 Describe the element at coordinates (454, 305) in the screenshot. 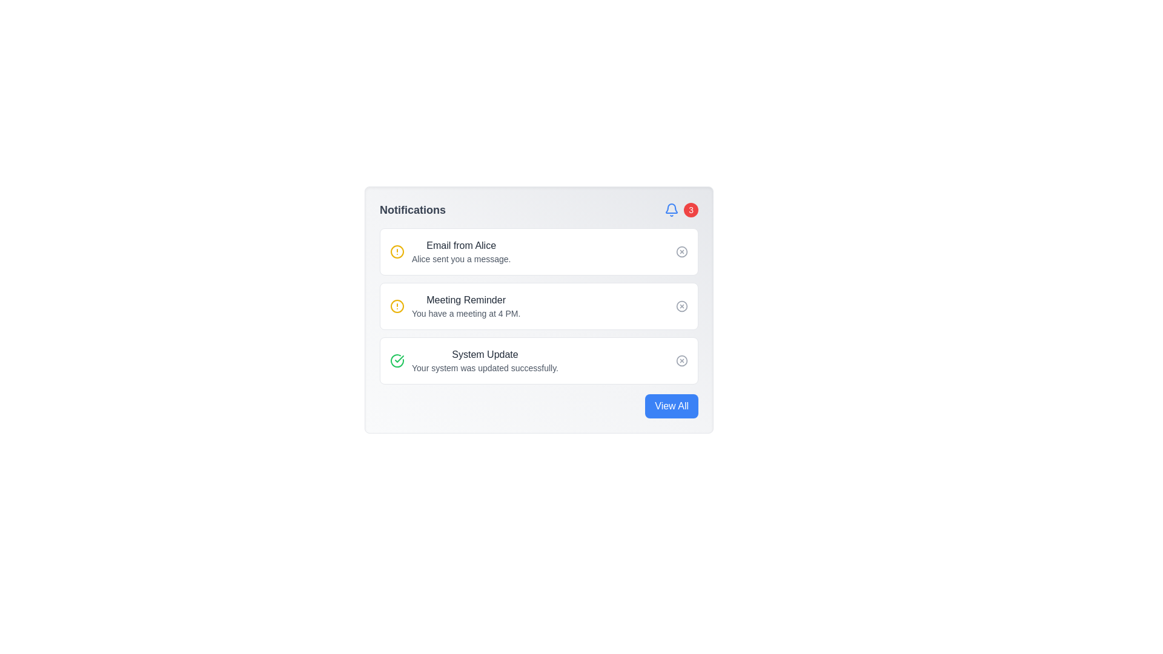

I see `the second notification titled 'Meeting Reminder'` at that location.